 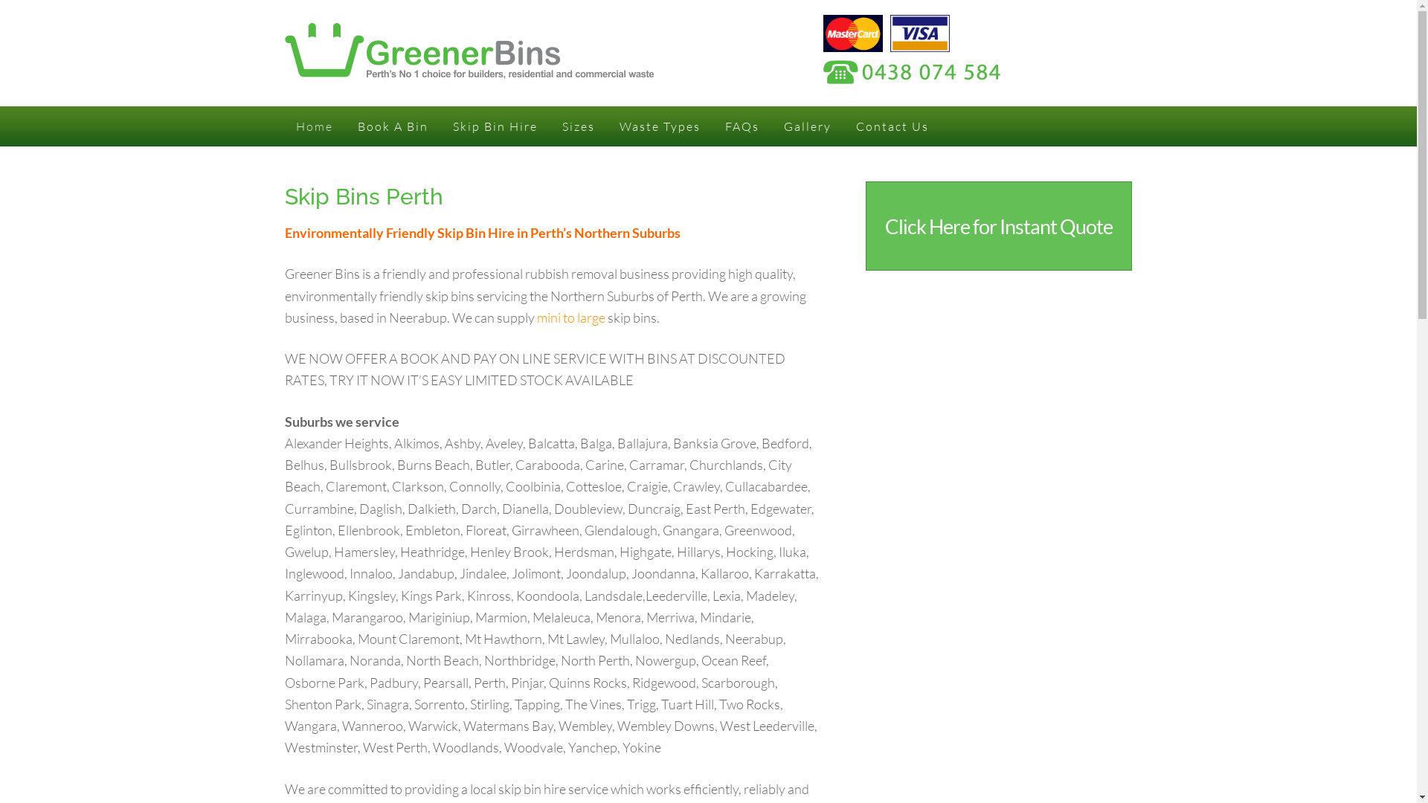 What do you see at coordinates (468, 50) in the screenshot?
I see `'Greener Bins'` at bounding box center [468, 50].